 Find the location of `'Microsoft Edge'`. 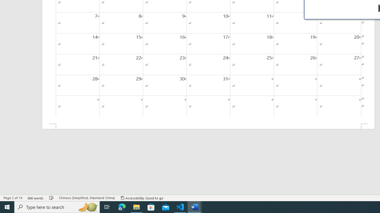

'Microsoft Edge' is located at coordinates (122, 206).